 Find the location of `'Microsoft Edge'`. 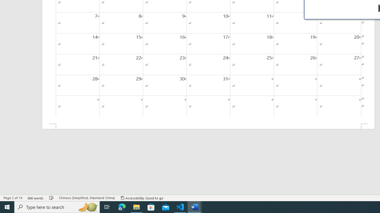

'Microsoft Edge' is located at coordinates (122, 206).